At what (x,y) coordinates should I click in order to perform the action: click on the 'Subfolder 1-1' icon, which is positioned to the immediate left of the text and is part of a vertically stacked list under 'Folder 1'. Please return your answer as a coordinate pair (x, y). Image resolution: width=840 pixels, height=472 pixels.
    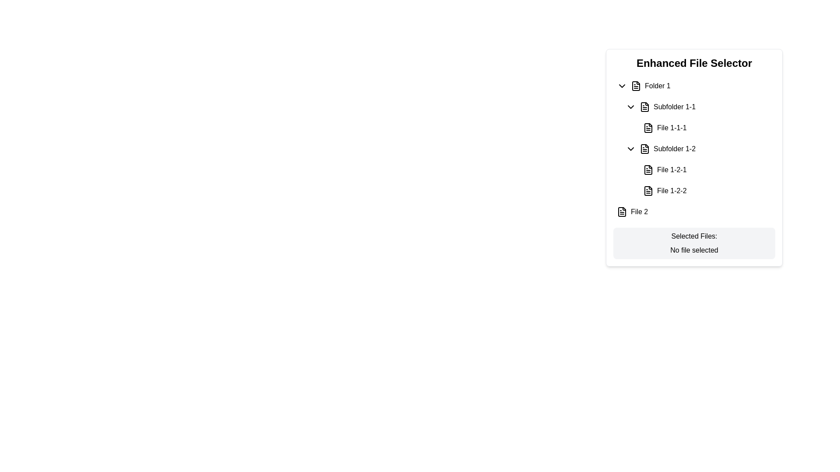
    Looking at the image, I should click on (644, 107).